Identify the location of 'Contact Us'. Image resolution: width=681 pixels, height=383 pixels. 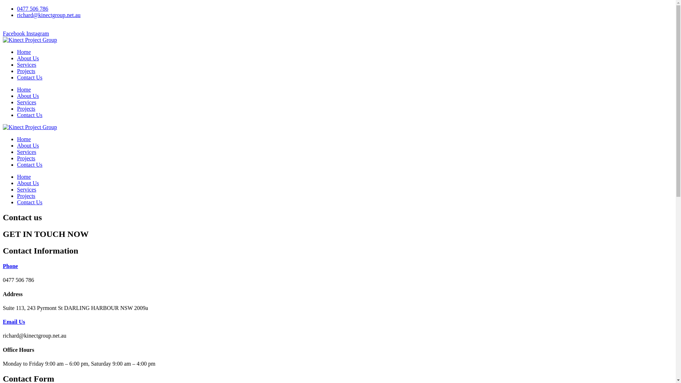
(29, 115).